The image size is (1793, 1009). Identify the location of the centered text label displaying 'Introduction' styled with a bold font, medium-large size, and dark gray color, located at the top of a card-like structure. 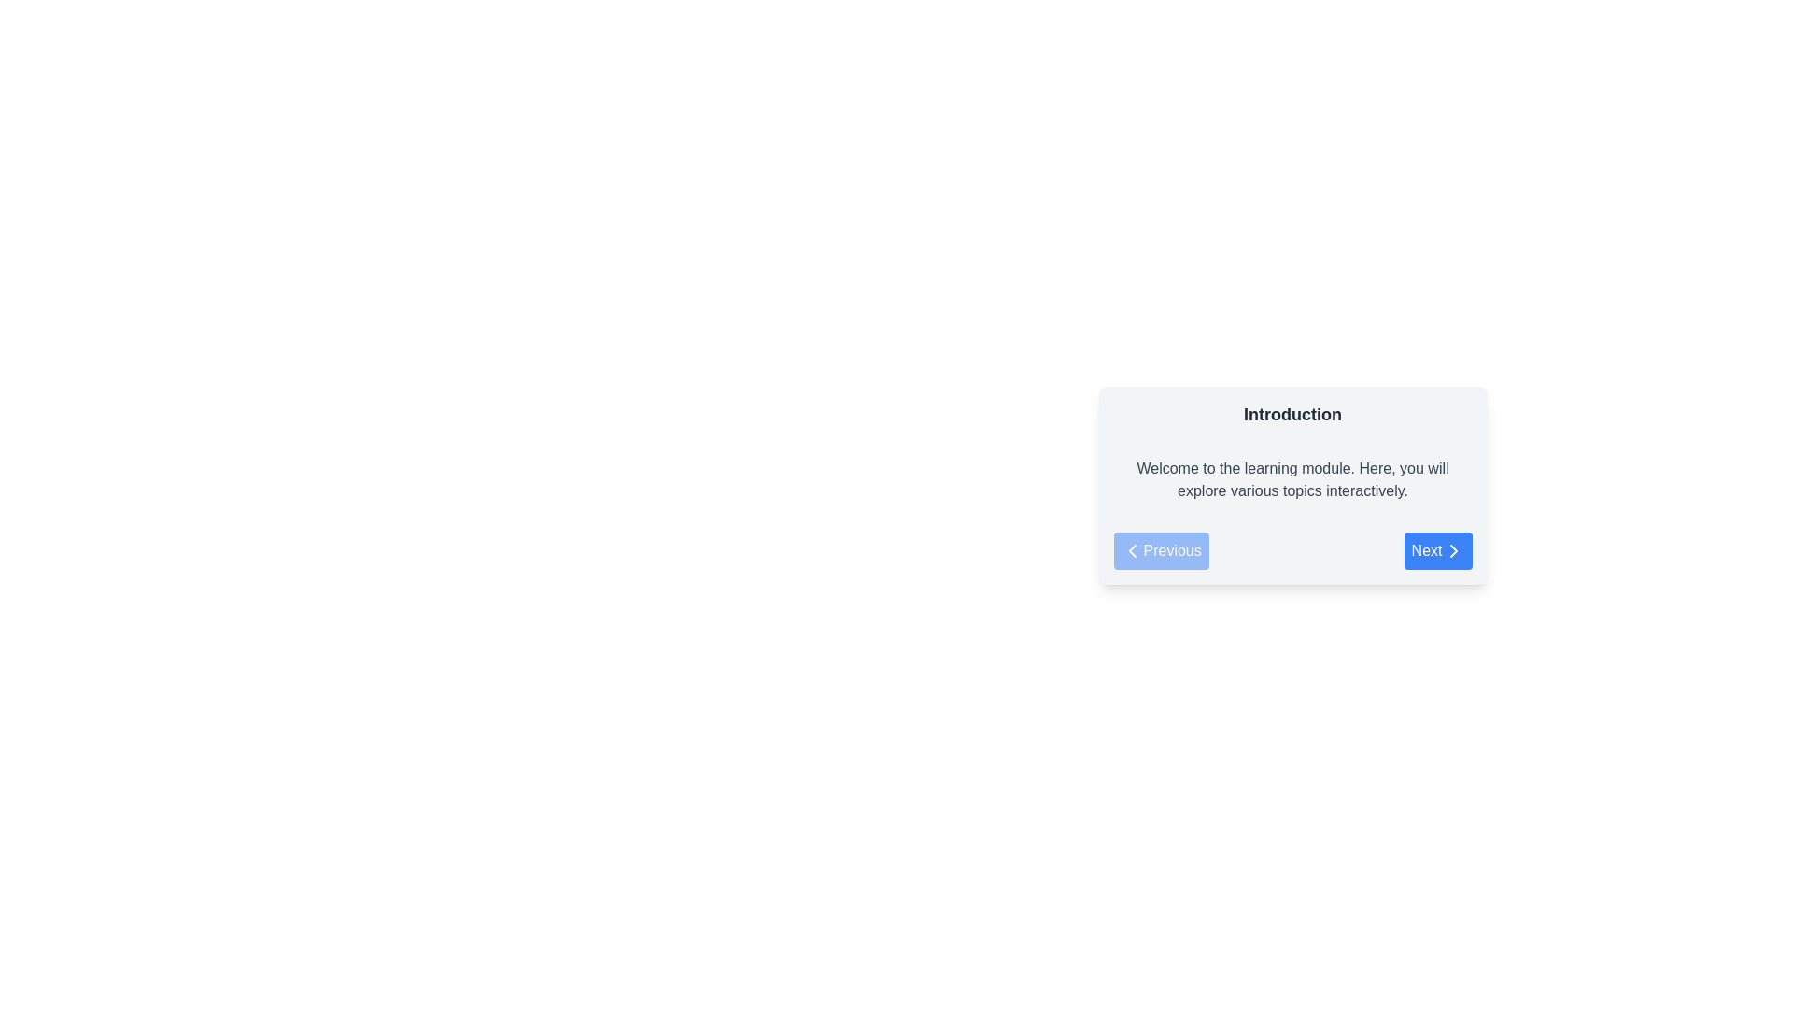
(1292, 413).